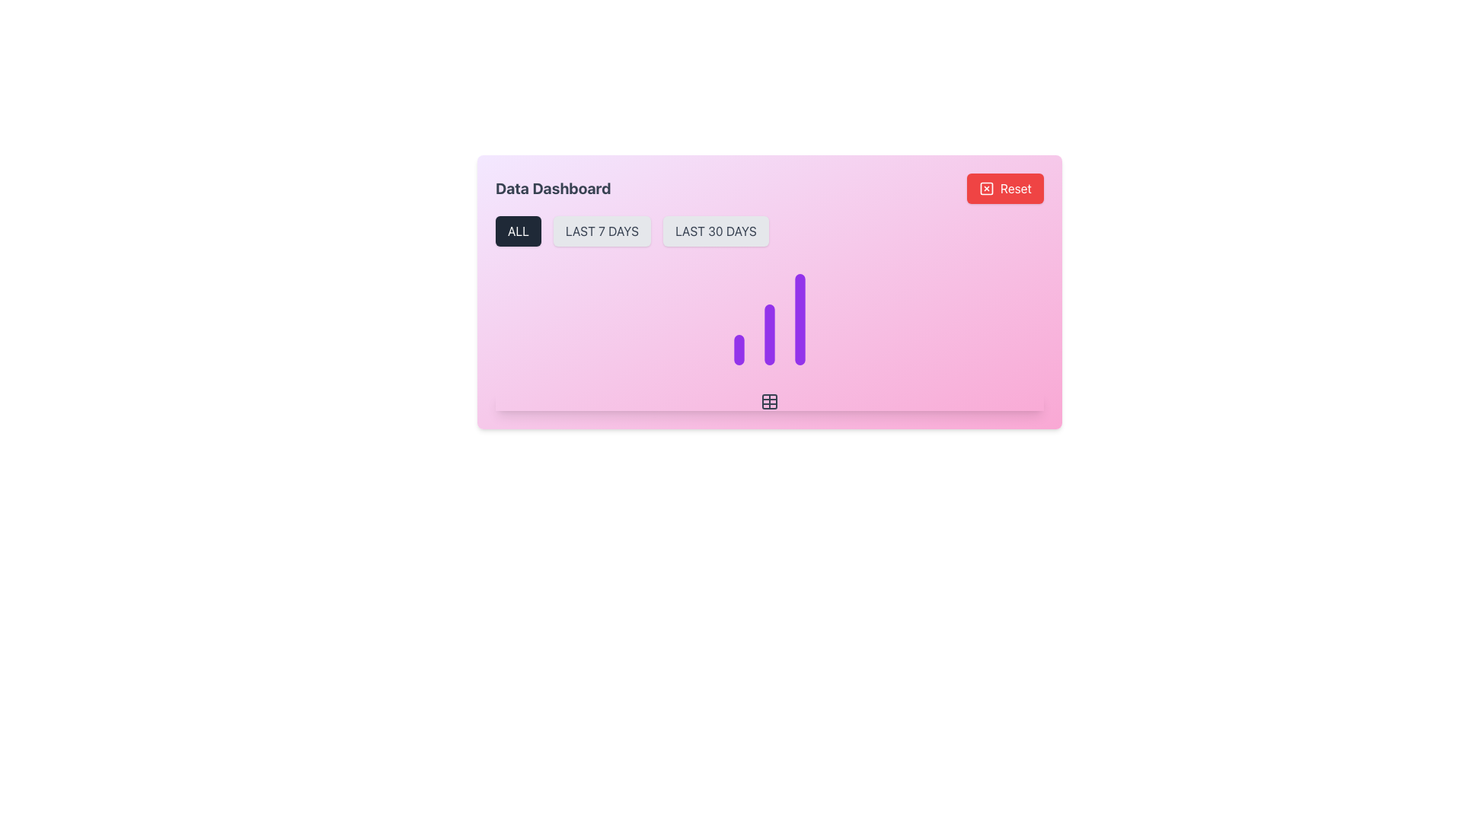  I want to click on the reset button located at the top-right corner of the 'Data Dashboard' section to clear settings or data, so click(1005, 187).